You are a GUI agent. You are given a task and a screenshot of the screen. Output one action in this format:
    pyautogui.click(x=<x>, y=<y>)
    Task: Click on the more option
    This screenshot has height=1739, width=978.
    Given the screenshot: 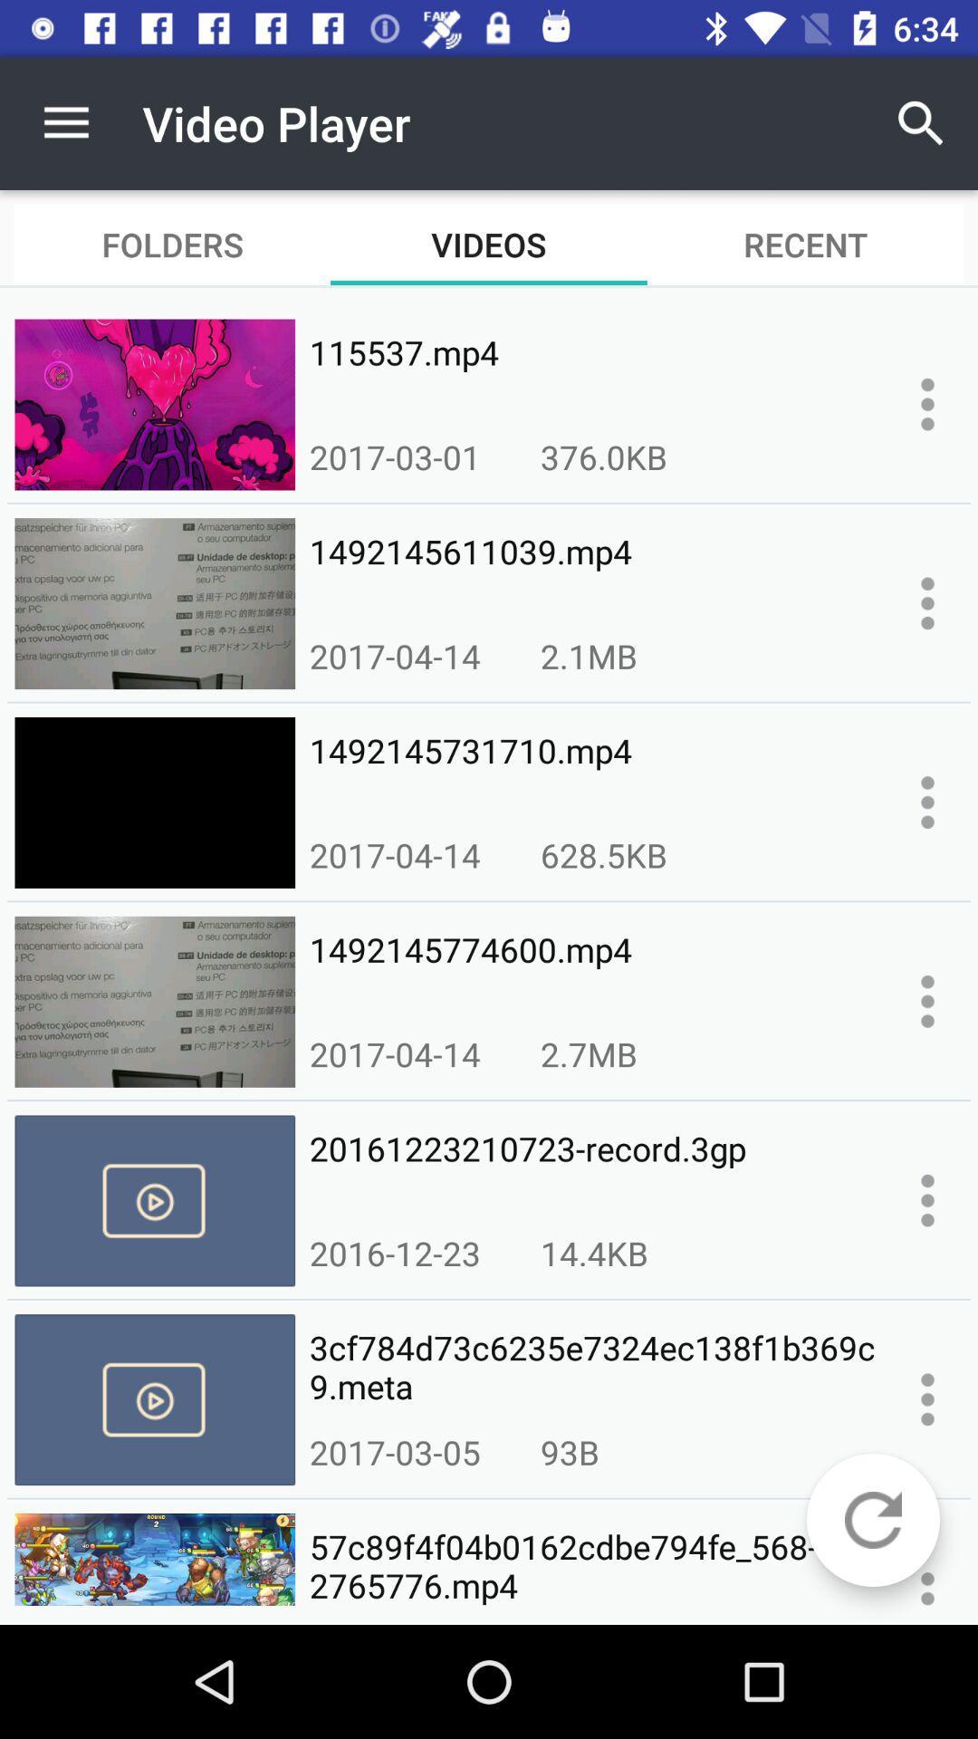 What is the action you would take?
    pyautogui.click(x=927, y=1200)
    